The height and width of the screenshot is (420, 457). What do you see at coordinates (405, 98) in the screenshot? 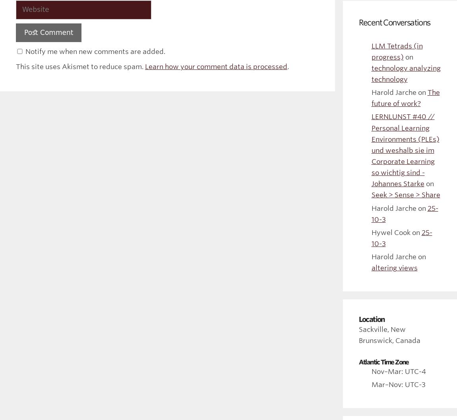
I see `'The future of work?'` at bounding box center [405, 98].